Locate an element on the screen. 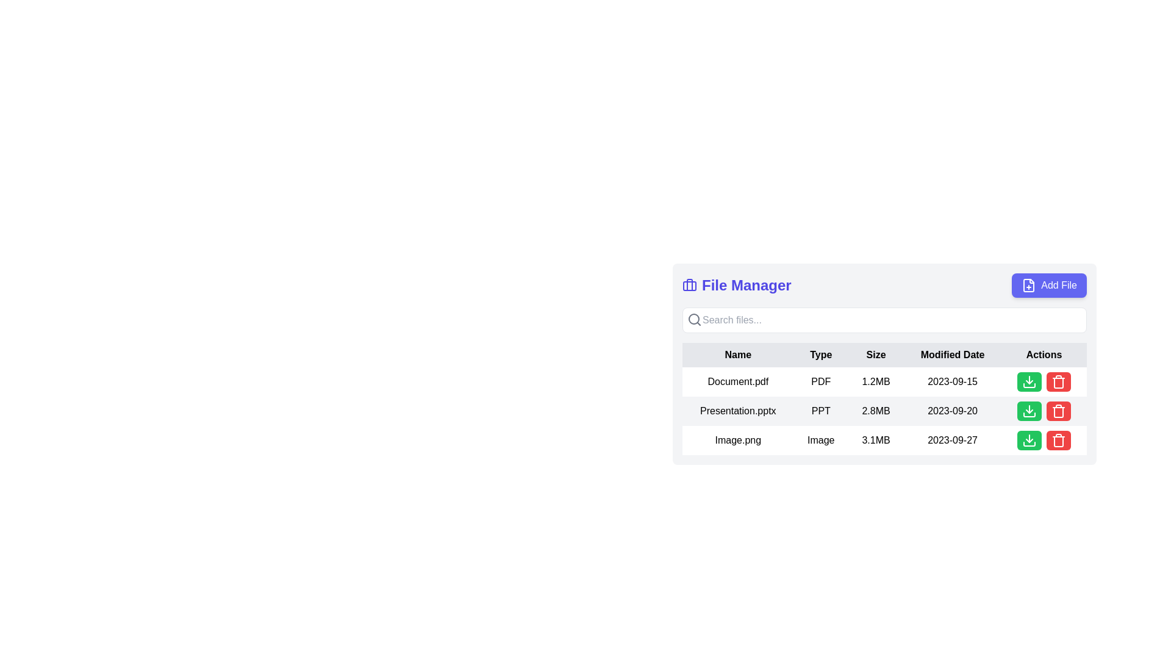 The image size is (1171, 659). the text display element that shows 'Presentation.pptx' in black font, located in the second row of the table under the 'Name' column is located at coordinates (737, 411).